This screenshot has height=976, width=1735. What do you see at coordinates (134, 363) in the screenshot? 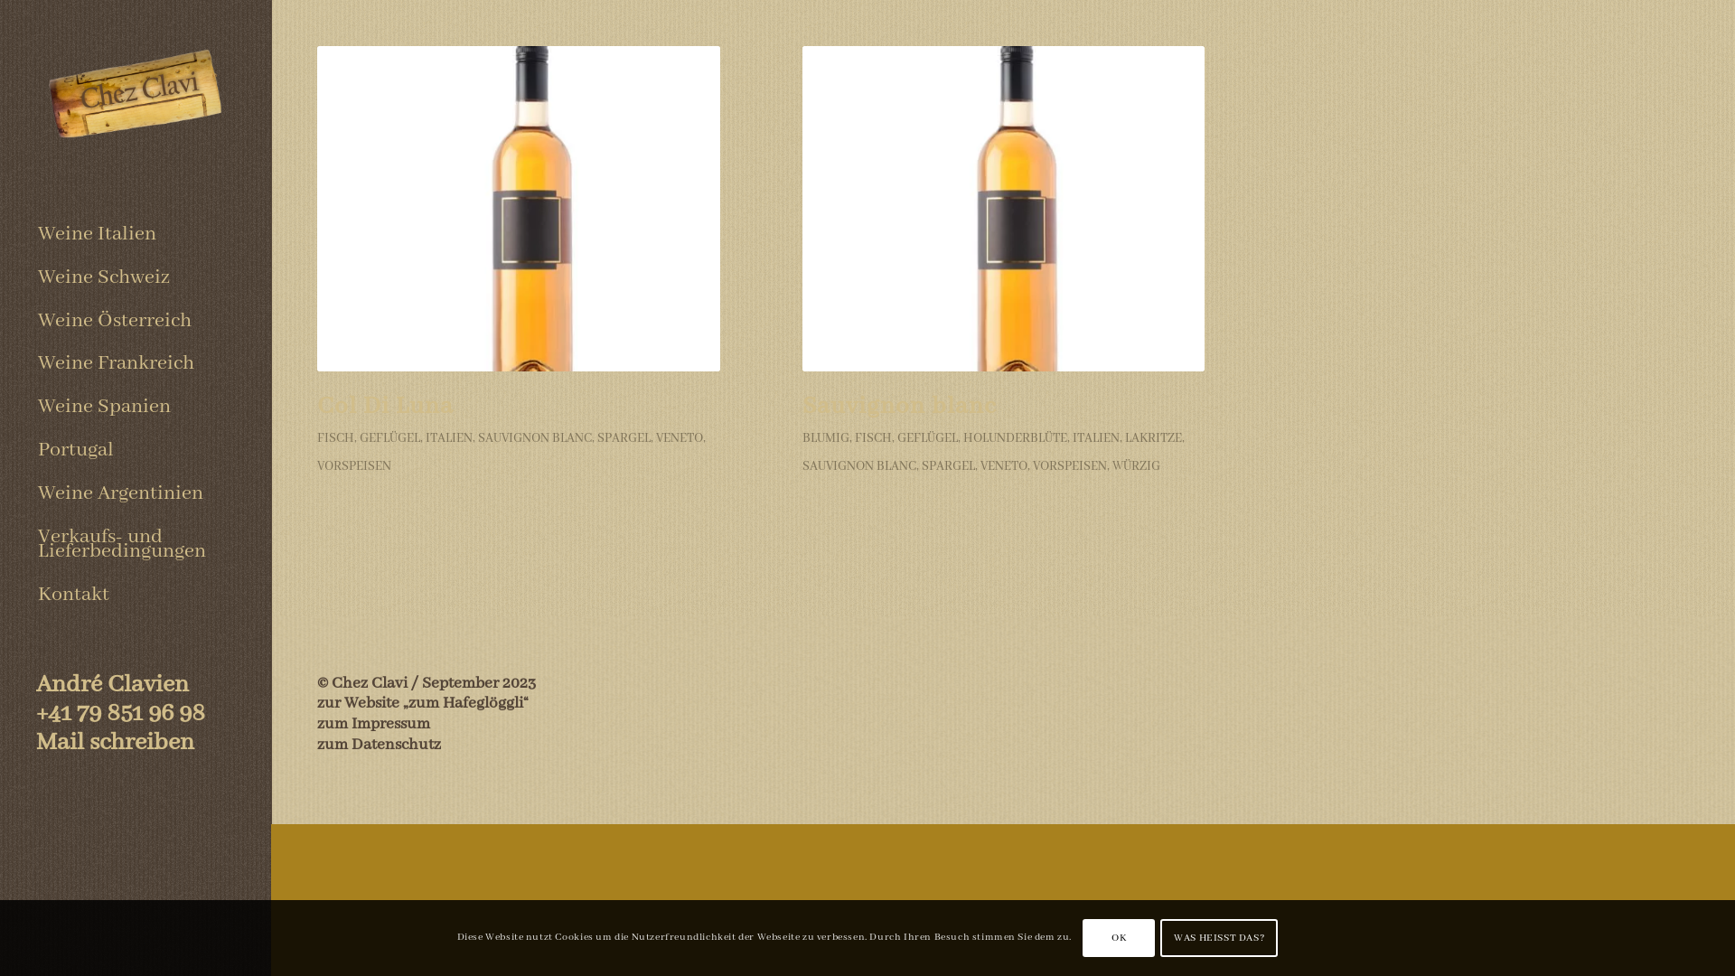
I see `'Weine Frankreich'` at bounding box center [134, 363].